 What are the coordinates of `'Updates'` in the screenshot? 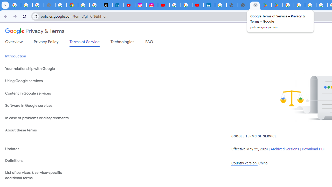 It's located at (39, 149).